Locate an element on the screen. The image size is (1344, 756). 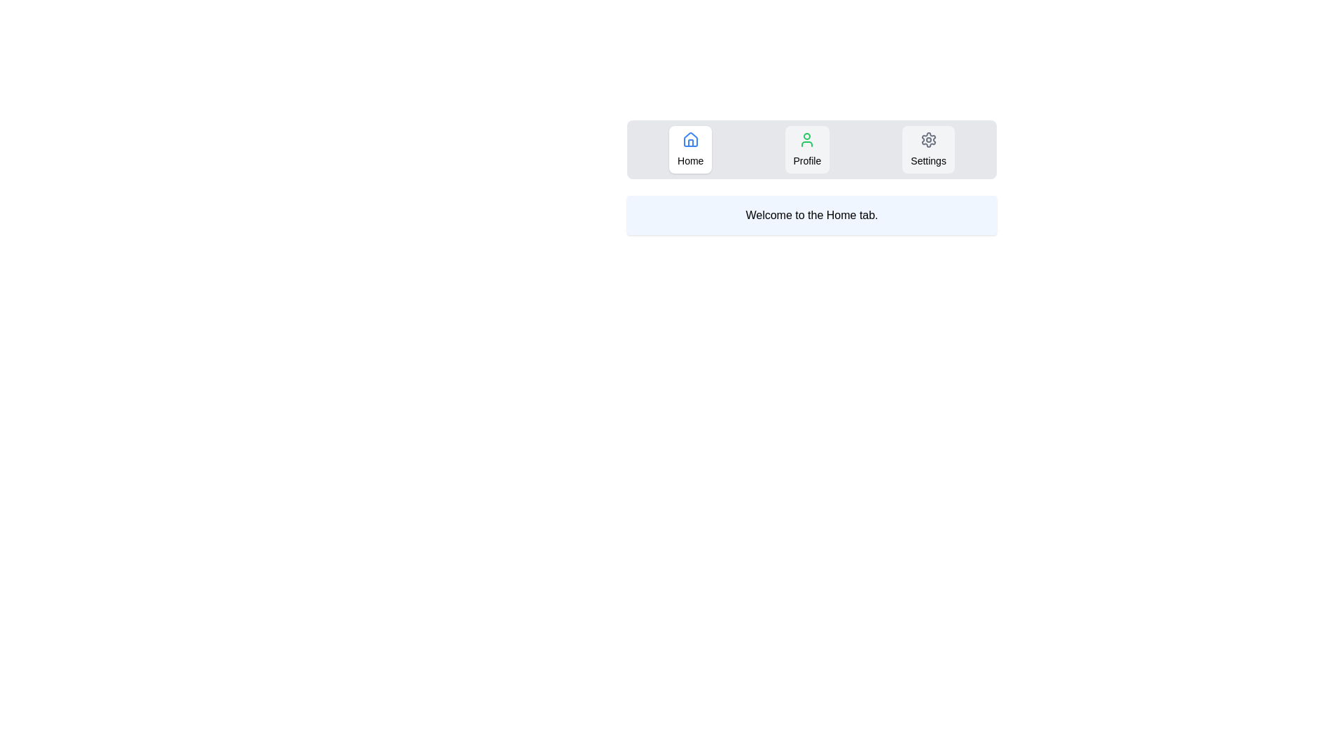
the Home tab by clicking on its button is located at coordinates (690, 149).